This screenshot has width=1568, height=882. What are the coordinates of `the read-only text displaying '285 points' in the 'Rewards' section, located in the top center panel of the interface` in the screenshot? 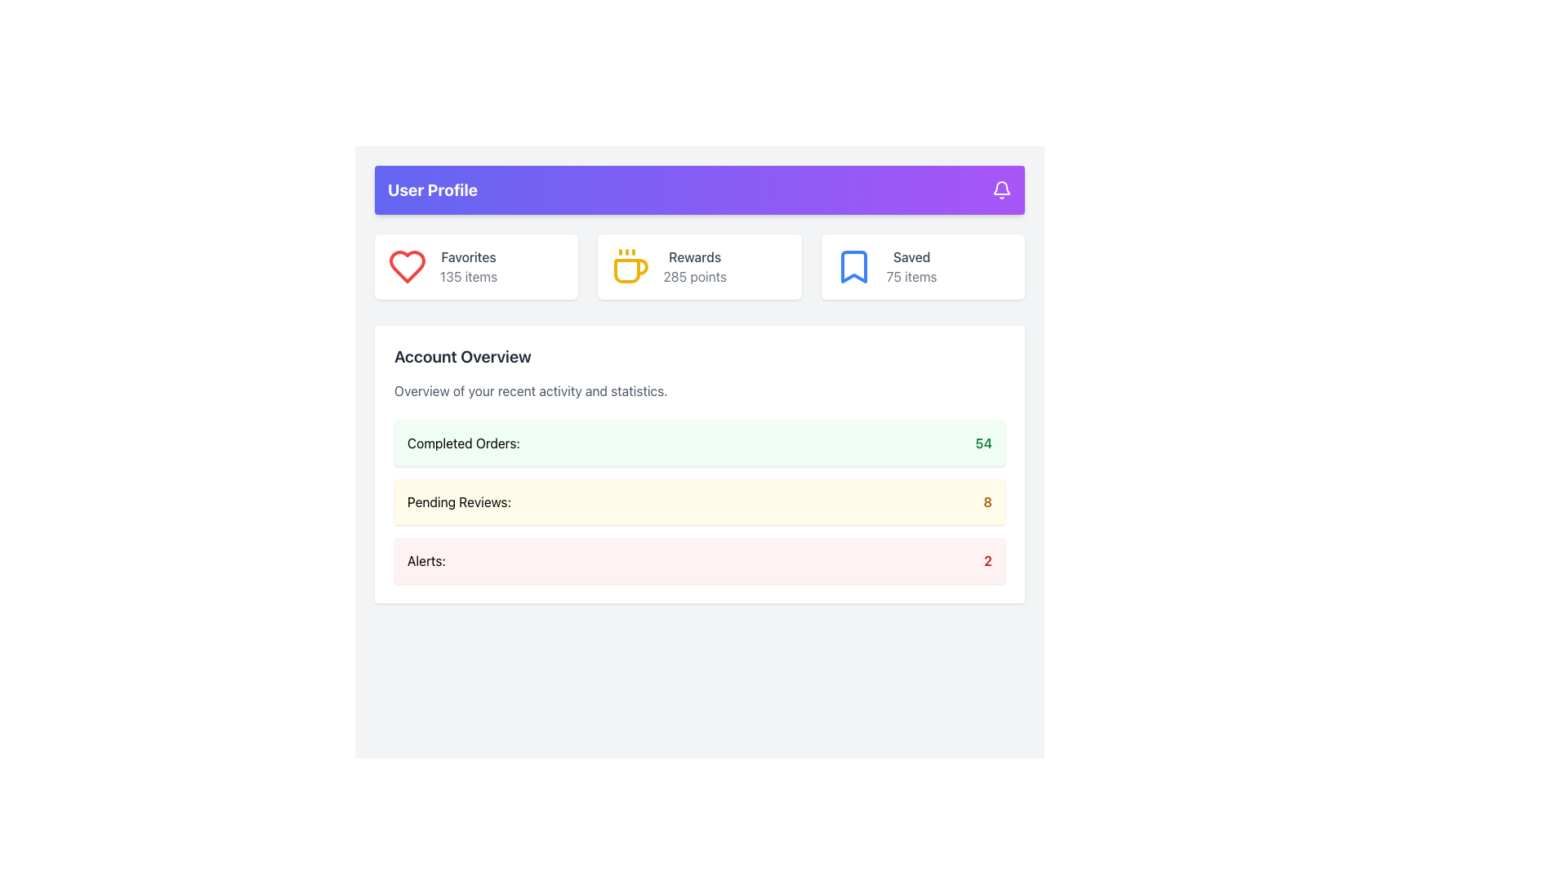 It's located at (695, 276).